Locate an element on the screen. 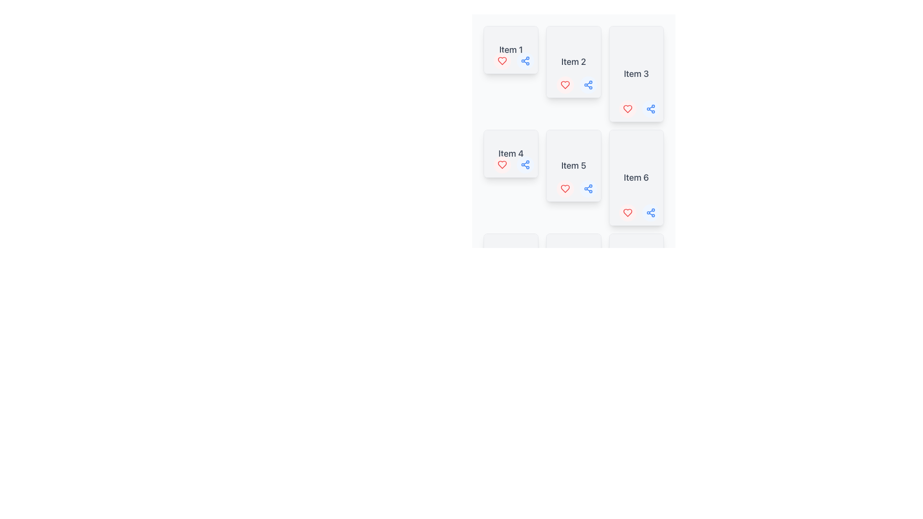  the Text Label displaying 'Item 5' located in the second row, second column of the grid layout is located at coordinates (574, 165).